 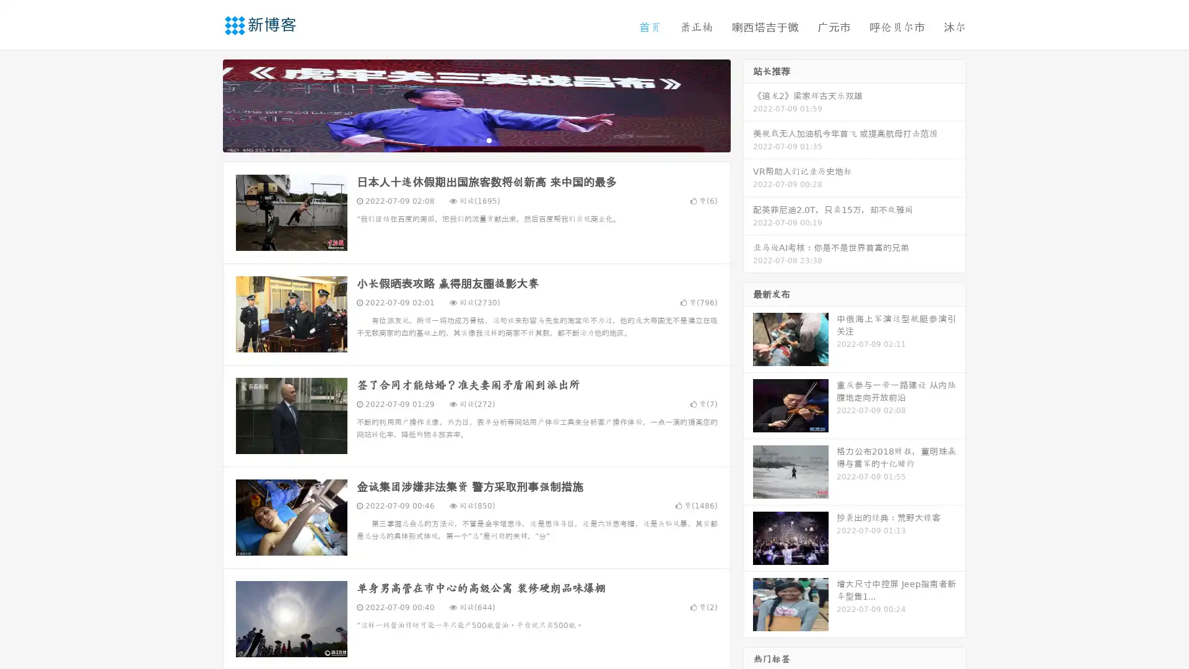 What do you see at coordinates (204, 104) in the screenshot?
I see `Previous slide` at bounding box center [204, 104].